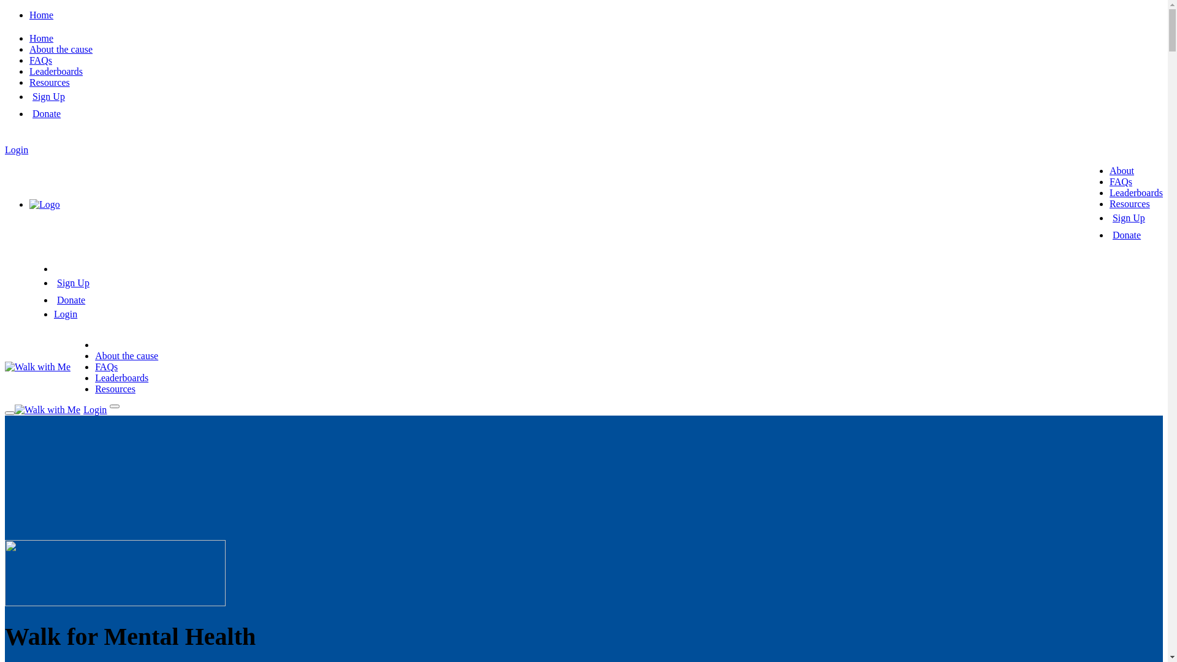 The image size is (1177, 662). What do you see at coordinates (64, 313) in the screenshot?
I see `'Login'` at bounding box center [64, 313].